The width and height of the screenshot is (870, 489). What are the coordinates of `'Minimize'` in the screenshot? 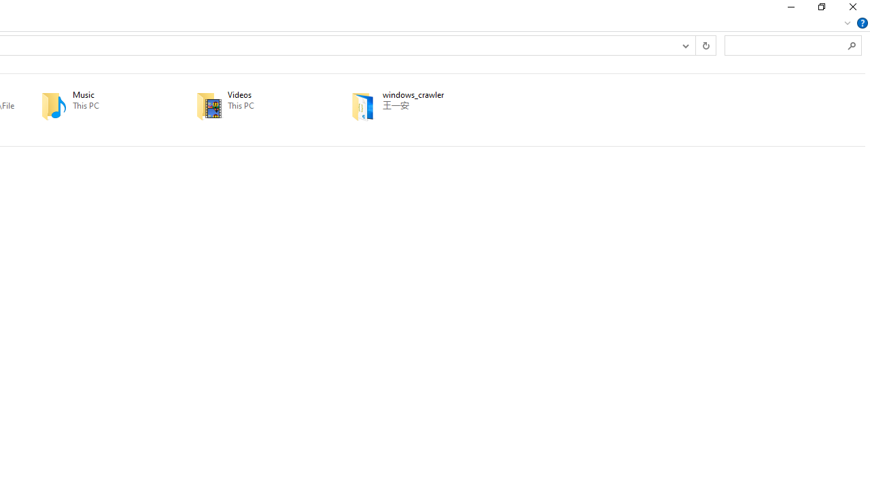 It's located at (790, 10).